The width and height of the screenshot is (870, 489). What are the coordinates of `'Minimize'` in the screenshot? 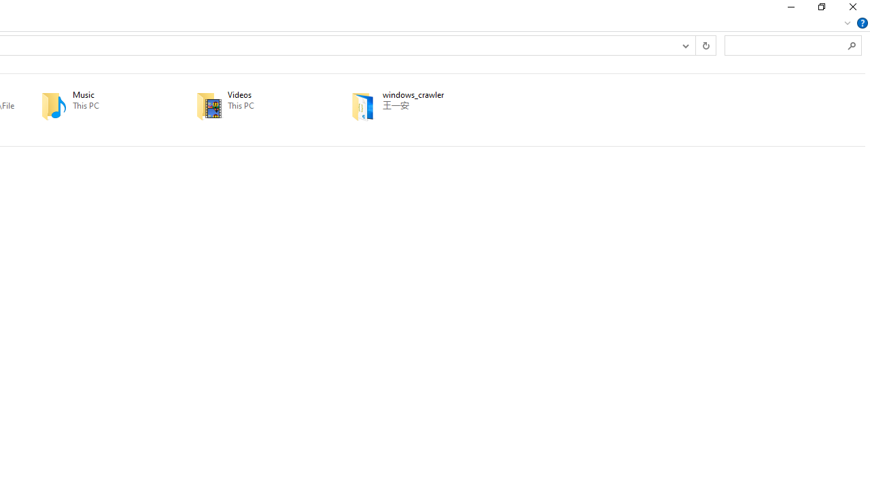 It's located at (790, 10).